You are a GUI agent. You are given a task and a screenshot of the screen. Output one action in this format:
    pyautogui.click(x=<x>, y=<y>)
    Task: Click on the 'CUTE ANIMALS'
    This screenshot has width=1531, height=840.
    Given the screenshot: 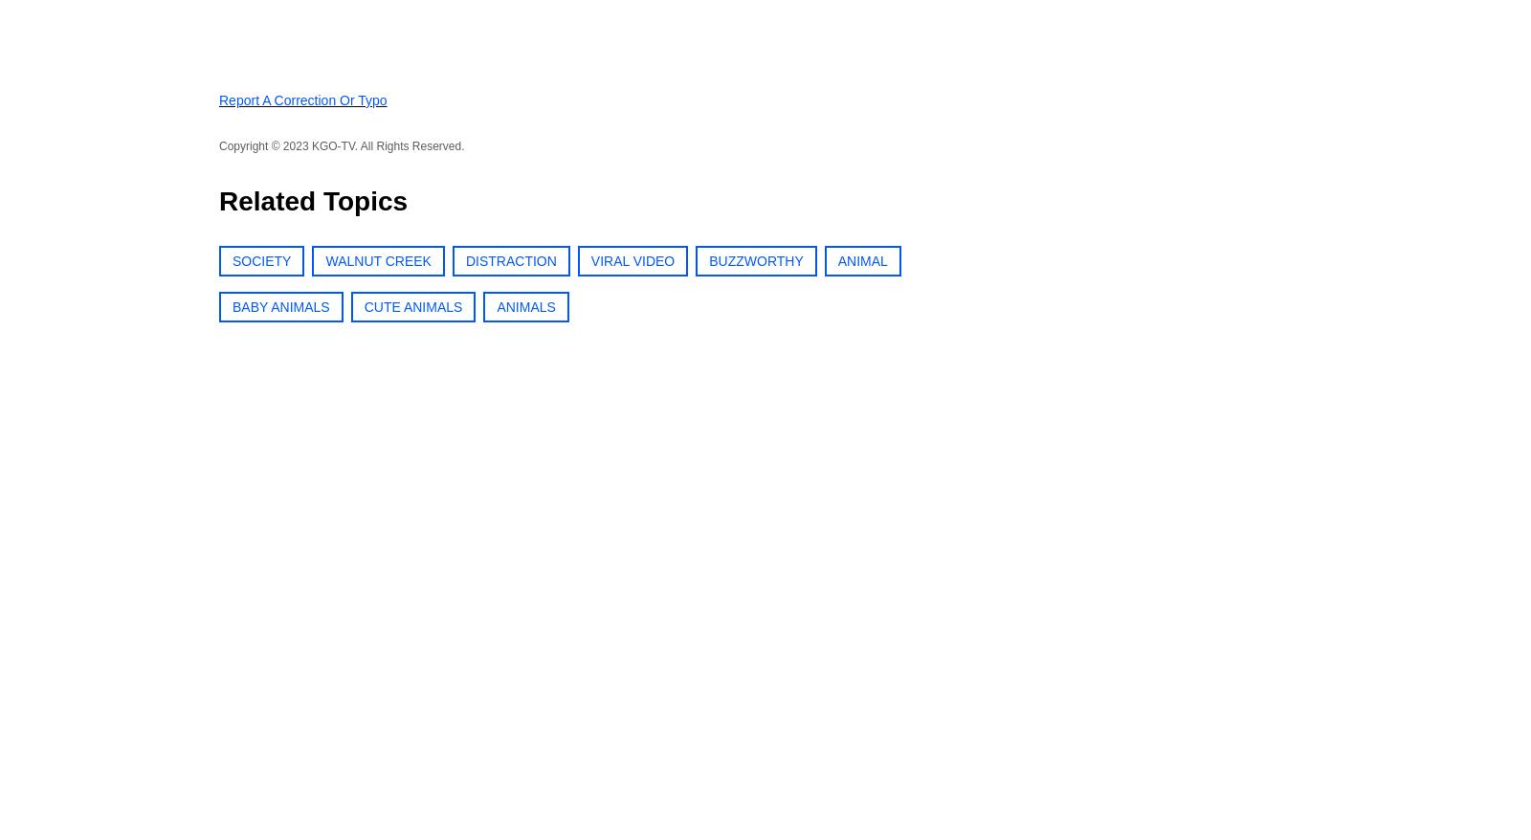 What is the action you would take?
    pyautogui.click(x=411, y=306)
    